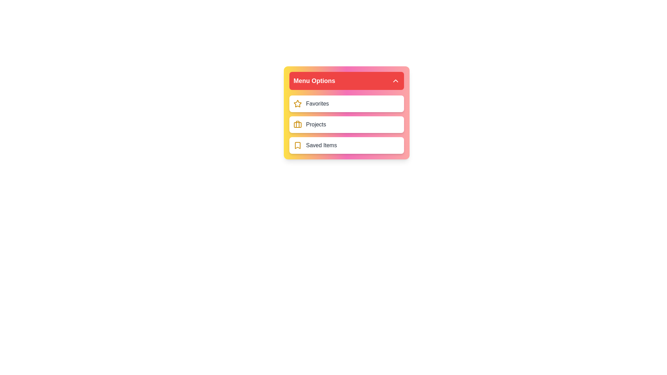  Describe the element at coordinates (347, 145) in the screenshot. I see `the menu item labeled Saved Items to observe its hover effect` at that location.